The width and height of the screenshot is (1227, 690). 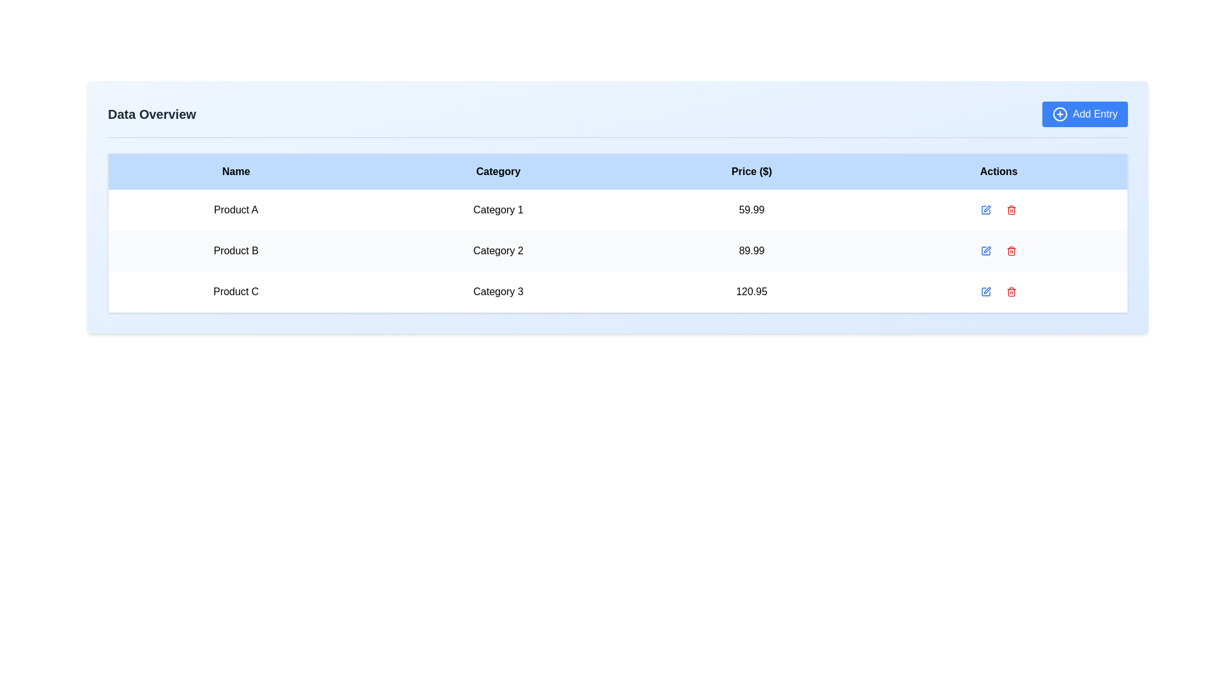 I want to click on the static Text label displaying the category information for 'Product C' located in the third row of the table within the 'Category' column, so click(x=497, y=292).